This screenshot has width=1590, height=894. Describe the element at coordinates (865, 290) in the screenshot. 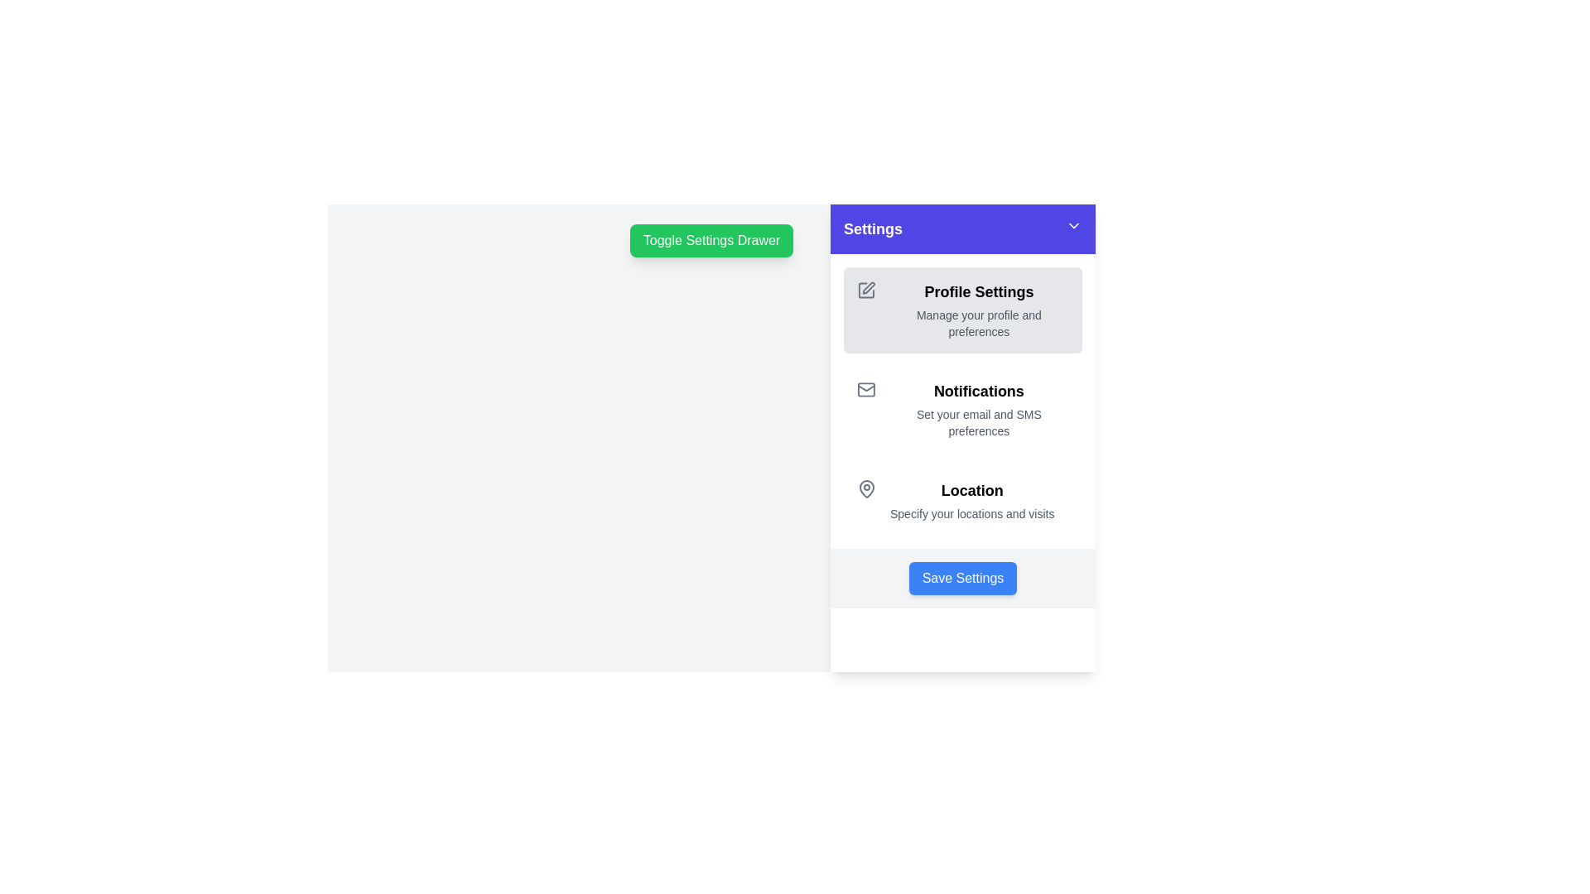

I see `the icon depicting a square with a pen symbol located in the top-left corner of the 'Profile Settings' section to initiate editing` at that location.